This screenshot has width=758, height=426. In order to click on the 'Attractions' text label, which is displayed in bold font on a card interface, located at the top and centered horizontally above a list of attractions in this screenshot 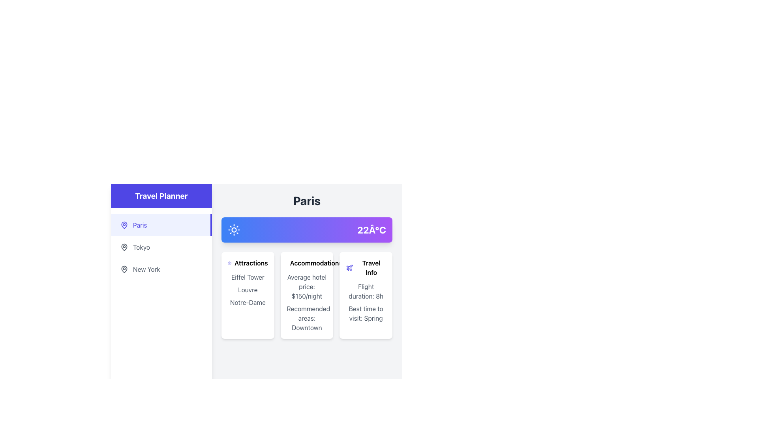, I will do `click(251, 263)`.